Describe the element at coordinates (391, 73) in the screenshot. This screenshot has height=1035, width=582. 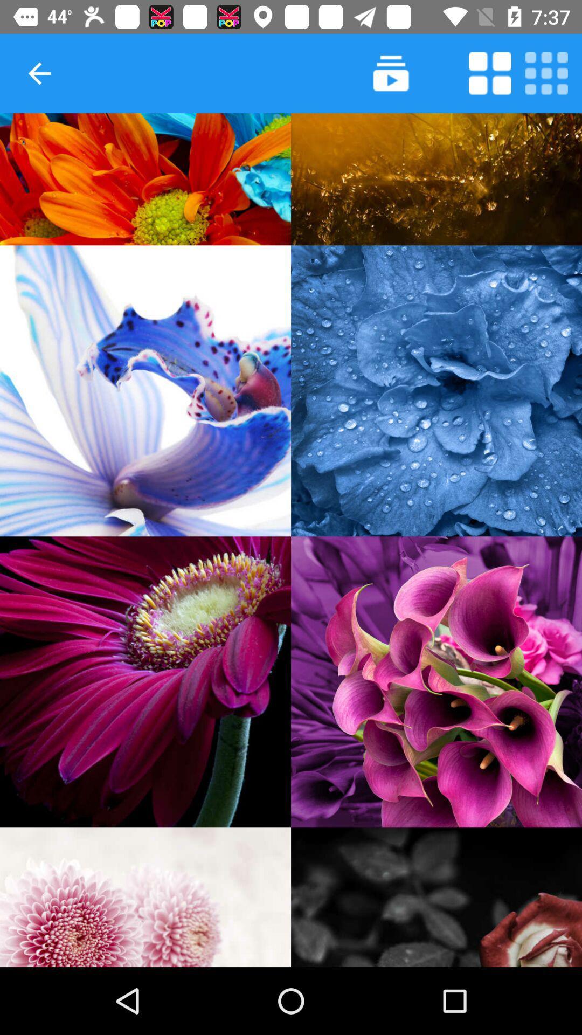
I see `next pictures` at that location.